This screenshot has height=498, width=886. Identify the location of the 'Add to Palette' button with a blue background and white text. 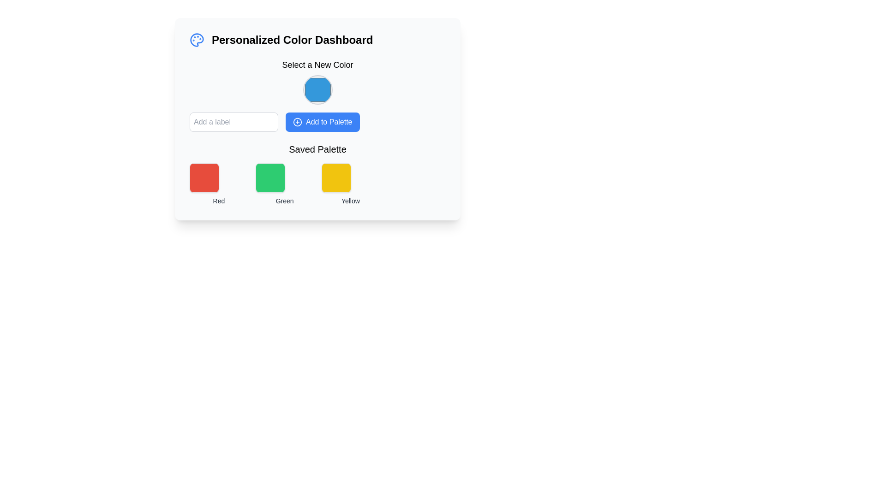
(317, 119).